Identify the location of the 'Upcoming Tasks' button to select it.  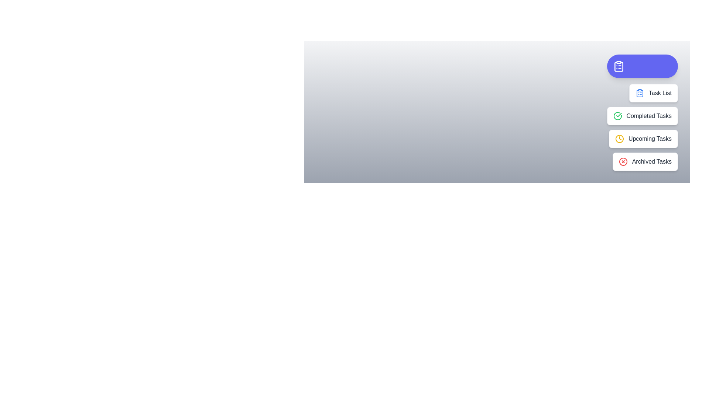
(643, 139).